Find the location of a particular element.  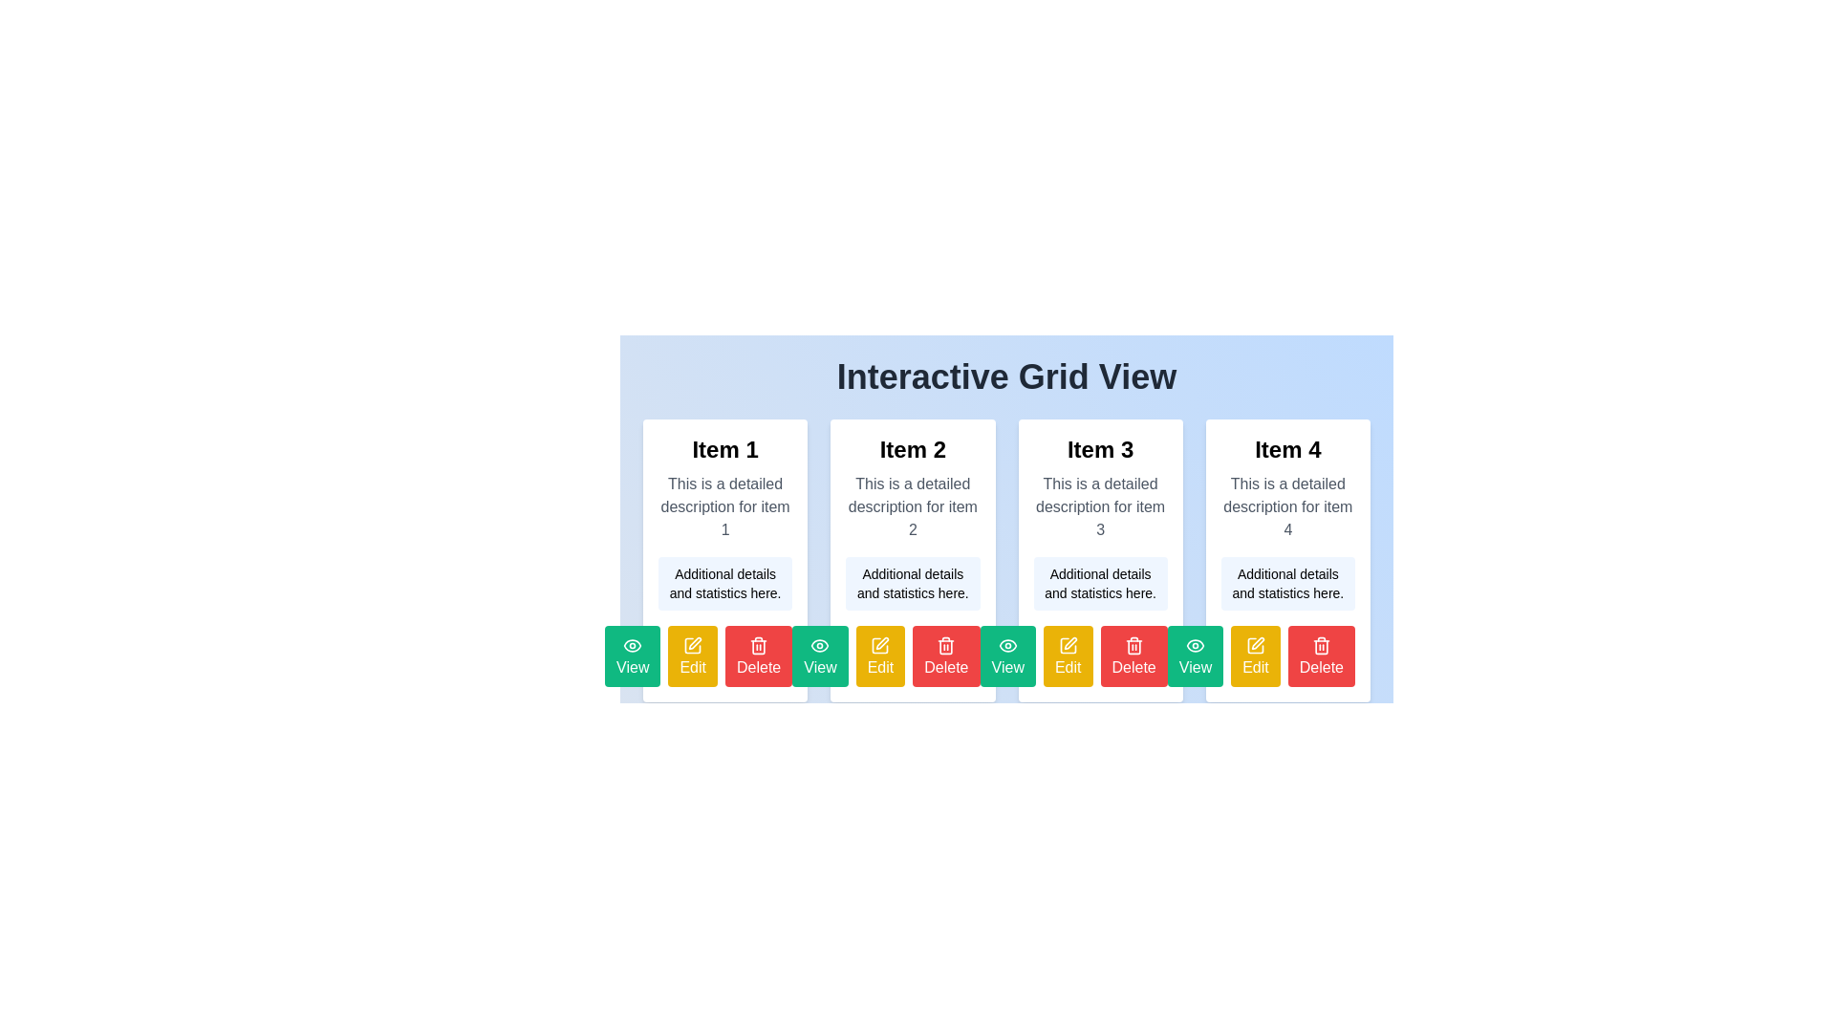

the delete button located at the bottom-right of the card labeled 'Item 2' is located at coordinates (912, 655).